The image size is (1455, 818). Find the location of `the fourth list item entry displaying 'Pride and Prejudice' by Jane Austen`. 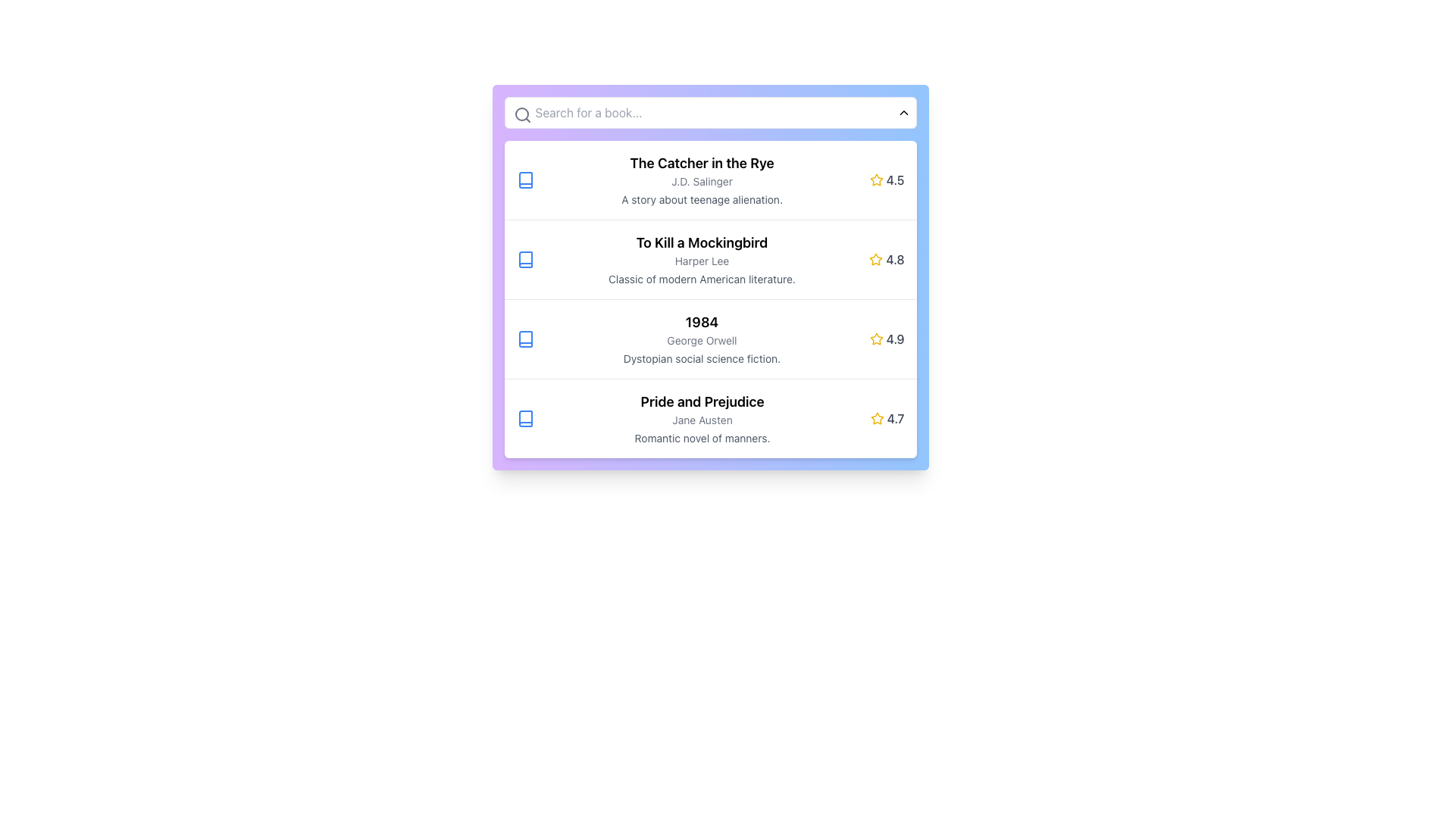

the fourth list item entry displaying 'Pride and Prejudice' by Jane Austen is located at coordinates (709, 418).